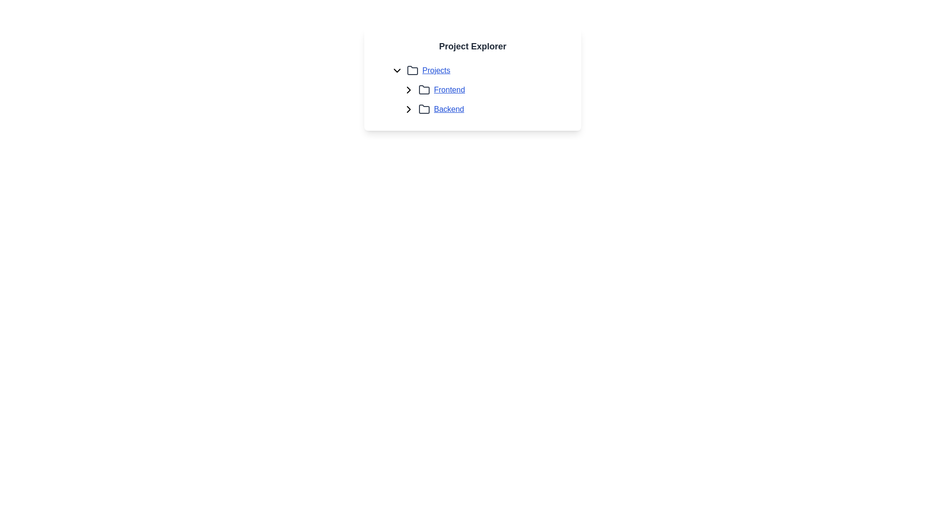 The height and width of the screenshot is (523, 930). I want to click on the downward-facing chevron icon next to the 'Projects' text link, so click(397, 70).